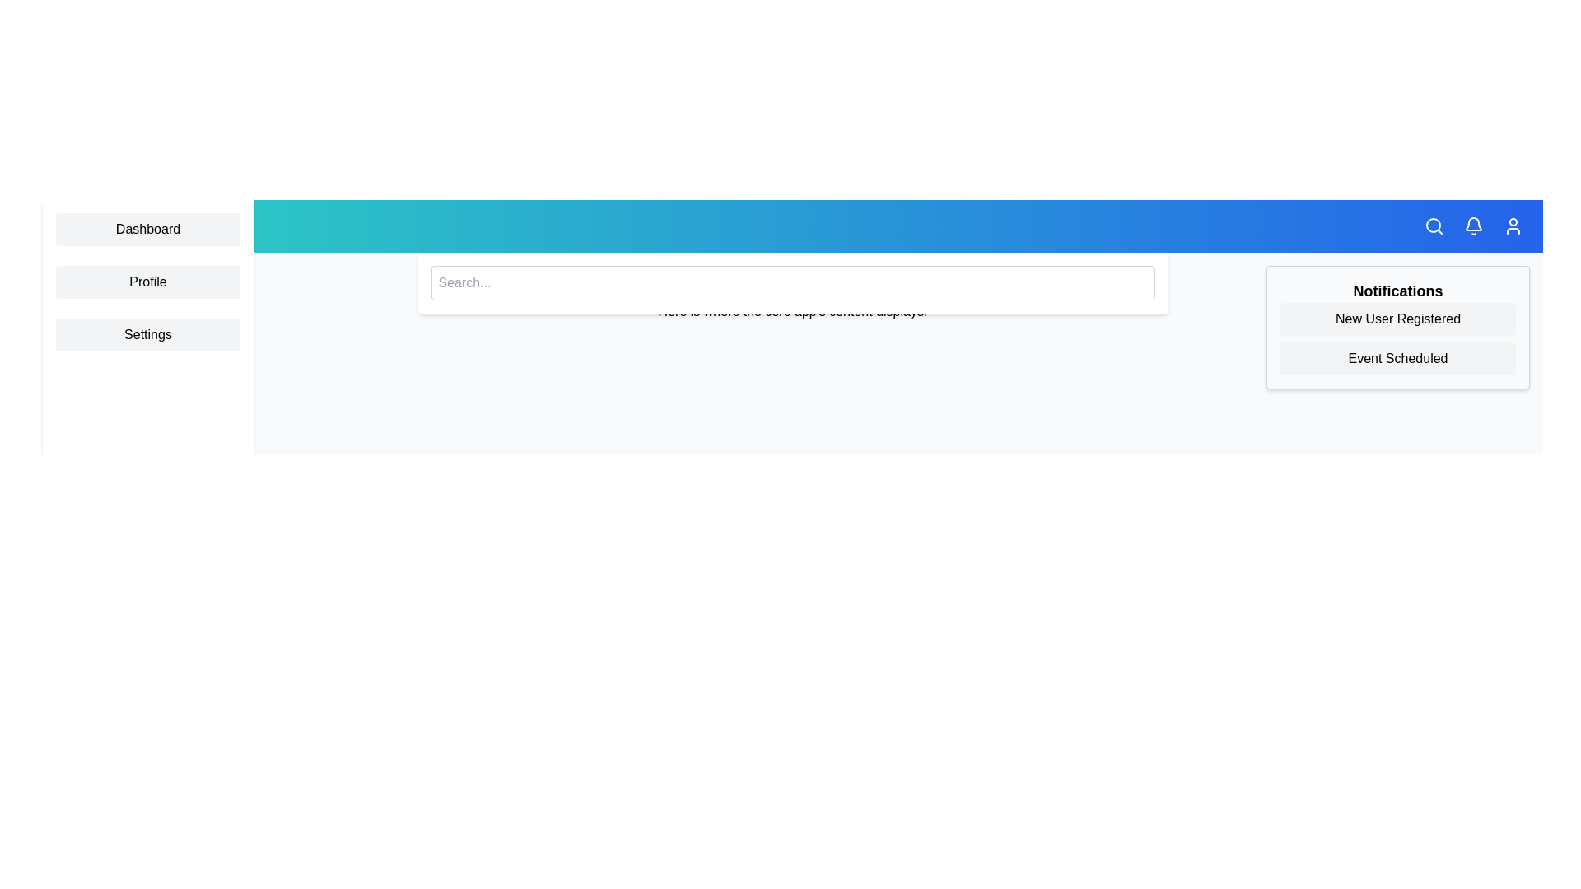  I want to click on the 'Profile' button, which is a rectangular button with bold black text on a light gray background, located in the navigation panel between the 'Dashboard' and 'Settings' buttons, so click(148, 282).